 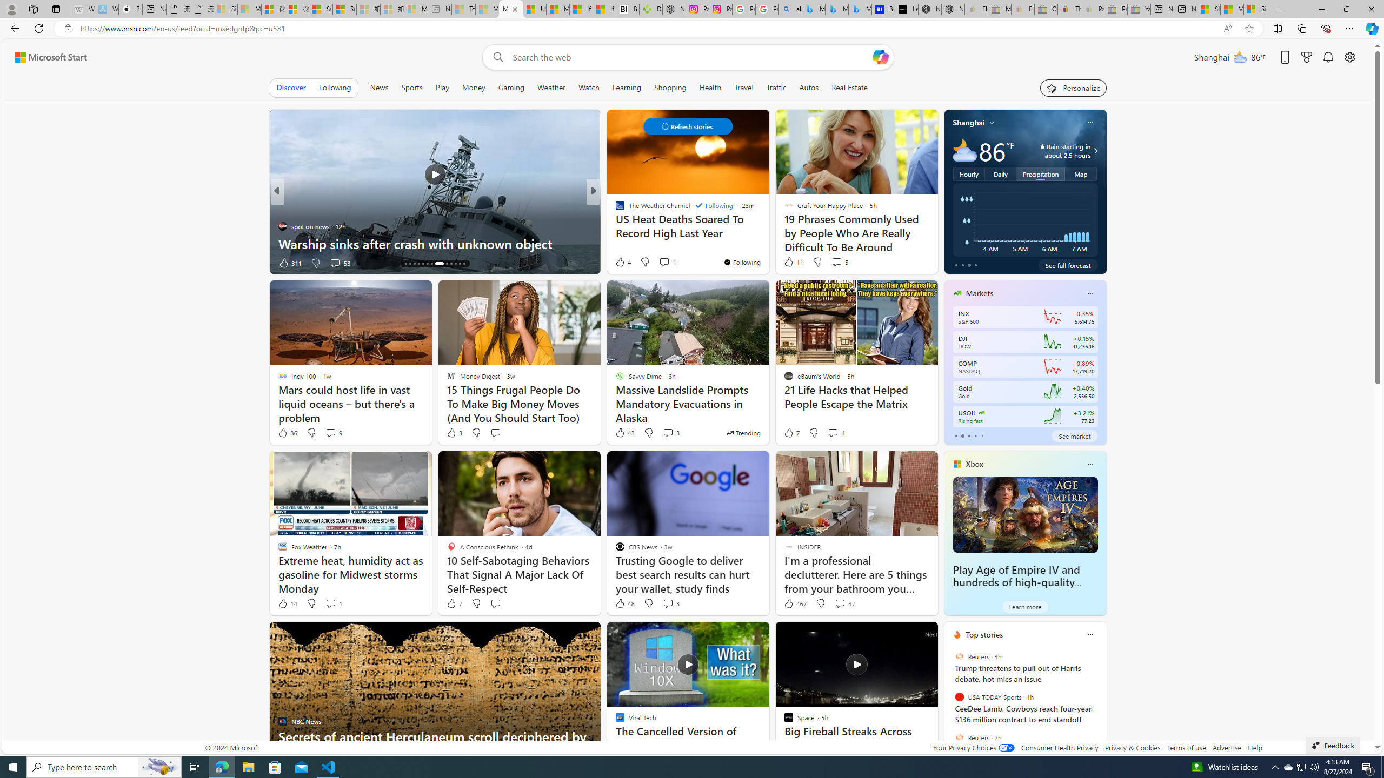 What do you see at coordinates (1024, 606) in the screenshot?
I see `'Learn more'` at bounding box center [1024, 606].